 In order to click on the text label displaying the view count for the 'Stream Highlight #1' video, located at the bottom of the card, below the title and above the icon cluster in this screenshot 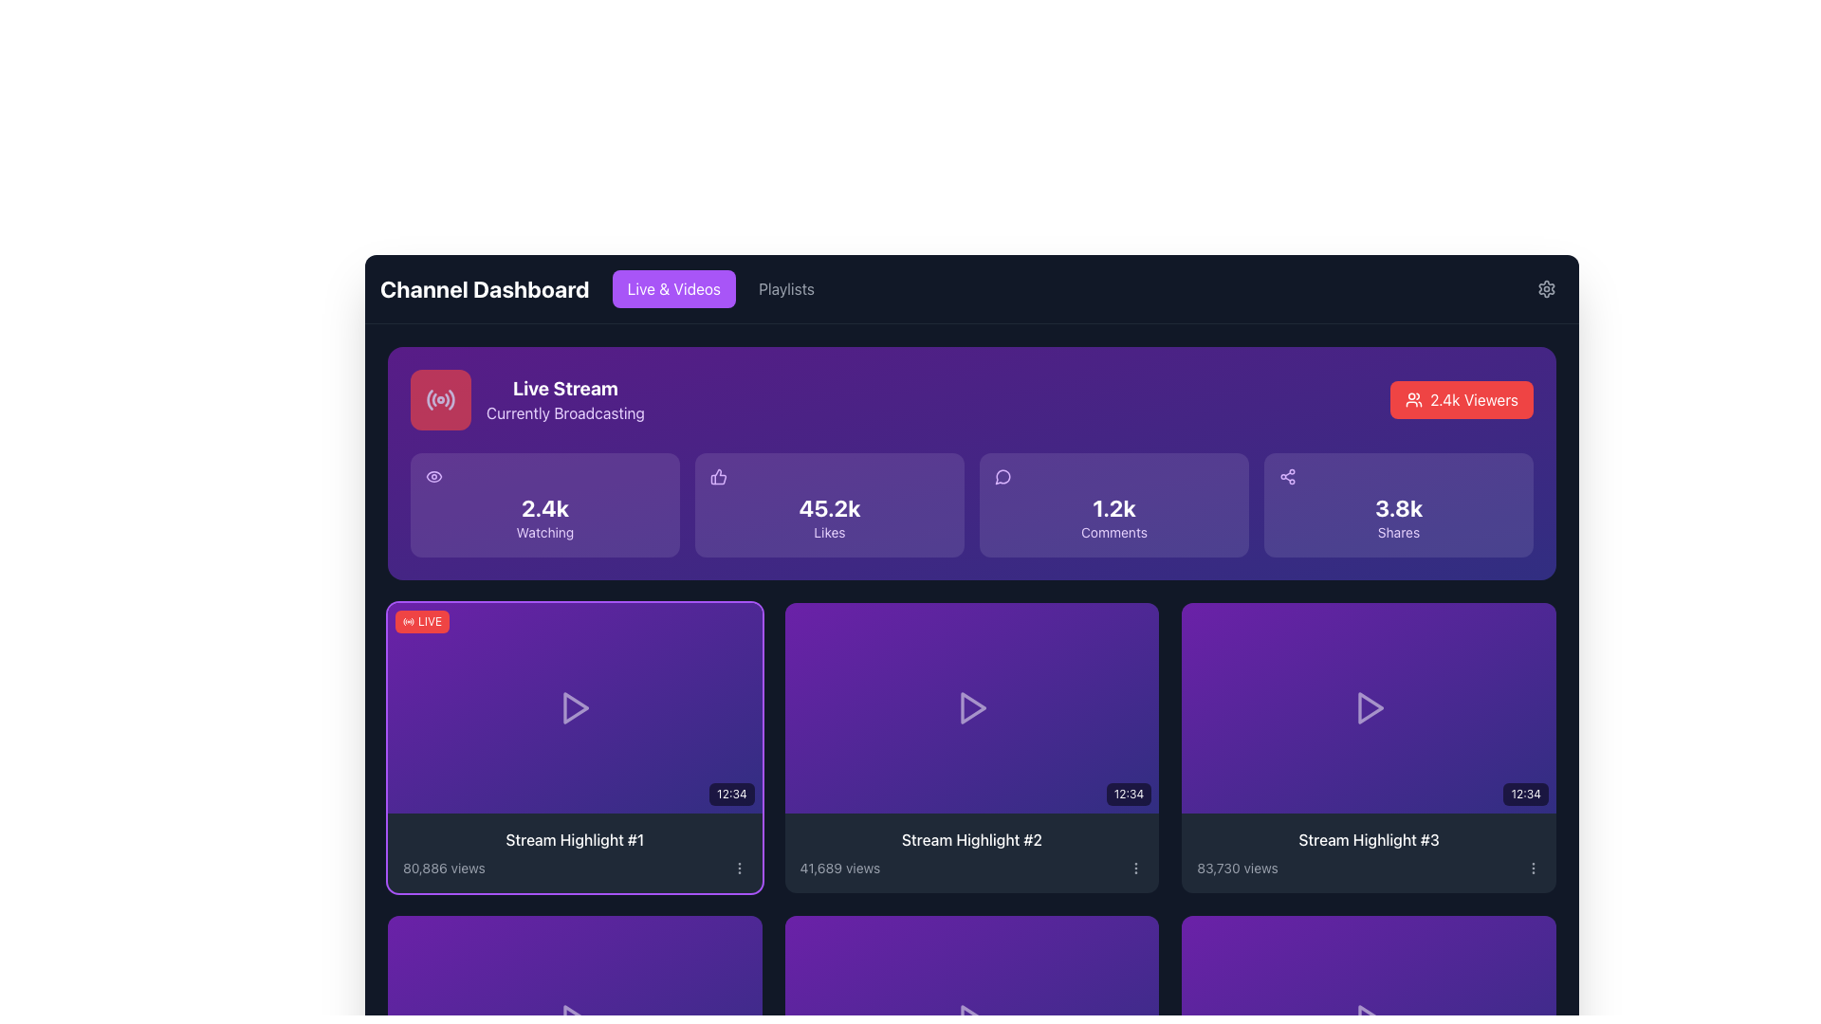, I will do `click(443, 868)`.